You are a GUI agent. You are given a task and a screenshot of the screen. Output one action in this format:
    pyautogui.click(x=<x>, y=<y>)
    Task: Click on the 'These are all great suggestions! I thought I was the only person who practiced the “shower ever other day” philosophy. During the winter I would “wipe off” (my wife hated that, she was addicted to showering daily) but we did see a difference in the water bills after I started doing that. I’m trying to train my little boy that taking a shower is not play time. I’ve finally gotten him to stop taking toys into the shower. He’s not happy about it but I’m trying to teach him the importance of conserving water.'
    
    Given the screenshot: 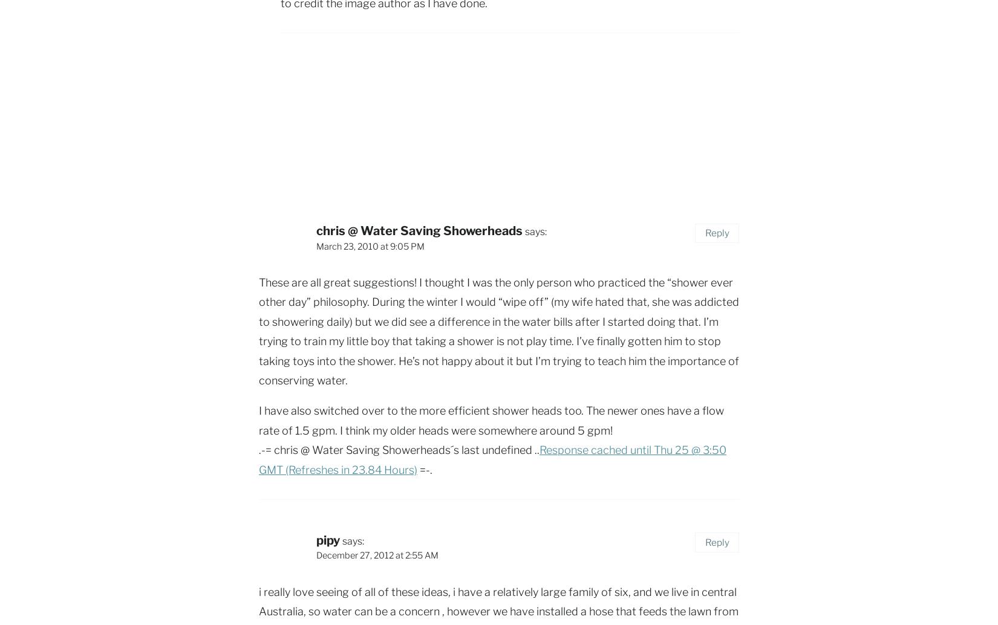 What is the action you would take?
    pyautogui.click(x=258, y=331)
    